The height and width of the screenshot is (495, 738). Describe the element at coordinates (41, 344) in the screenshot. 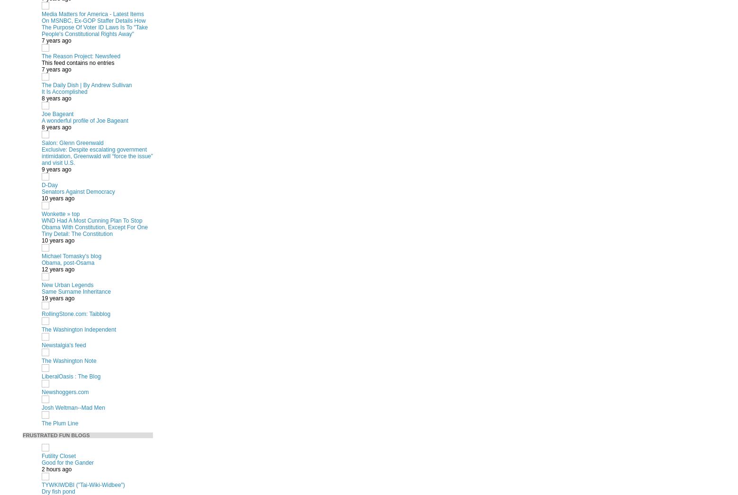

I see `'Newstalgia's feed'` at that location.